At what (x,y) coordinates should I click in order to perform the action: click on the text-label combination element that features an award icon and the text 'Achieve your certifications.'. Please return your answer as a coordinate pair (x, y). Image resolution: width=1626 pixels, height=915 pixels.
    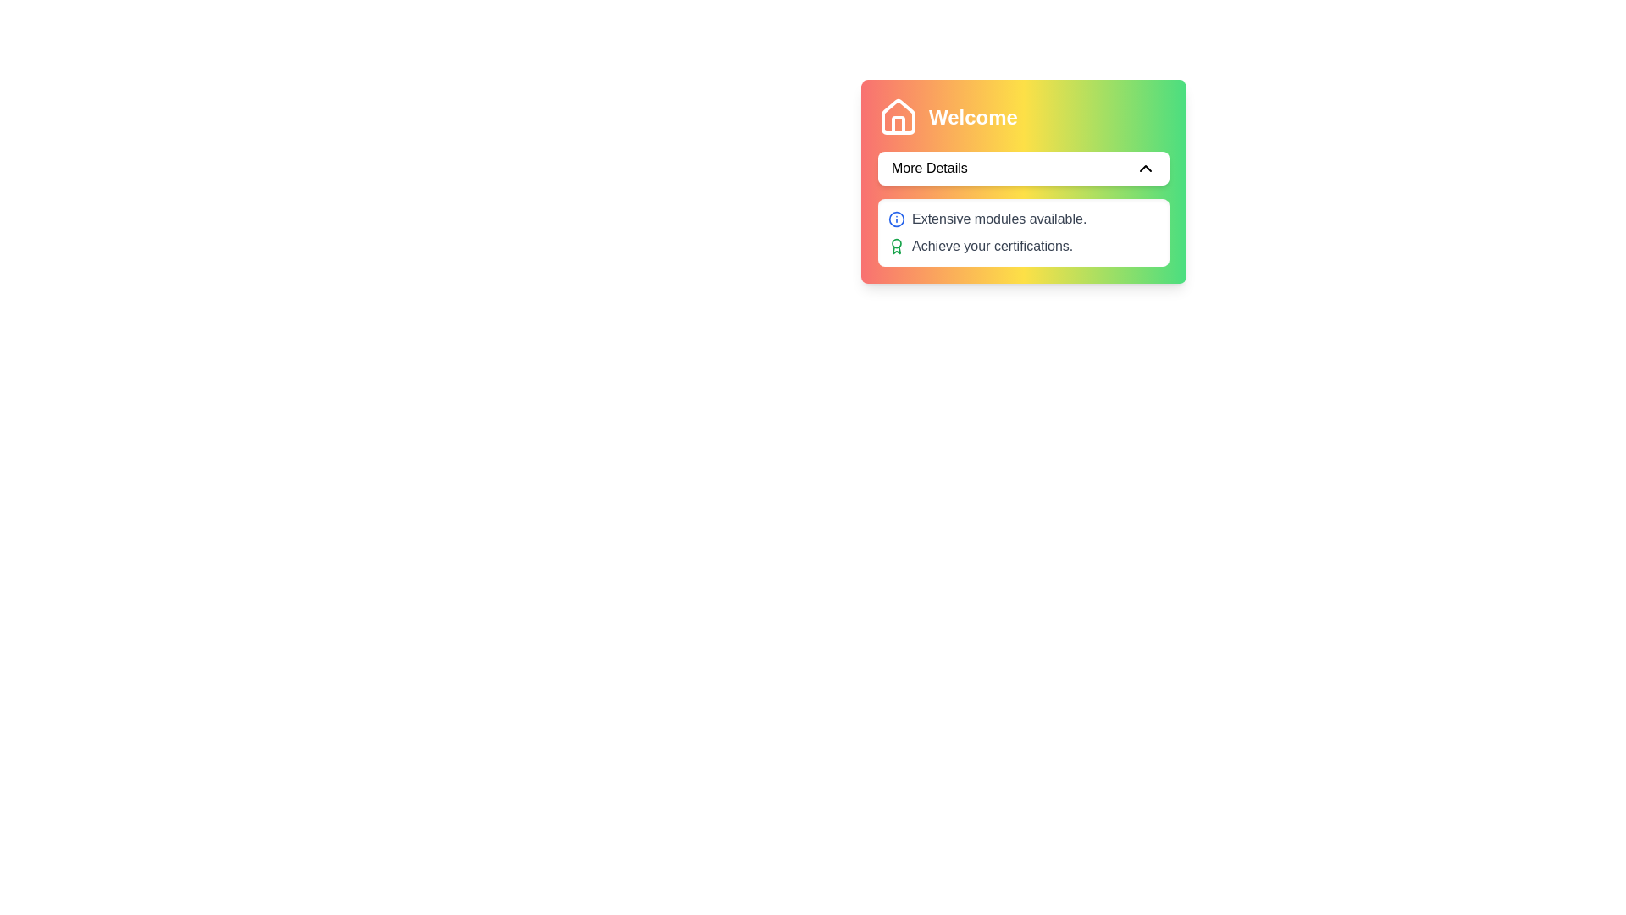
    Looking at the image, I should click on (1023, 246).